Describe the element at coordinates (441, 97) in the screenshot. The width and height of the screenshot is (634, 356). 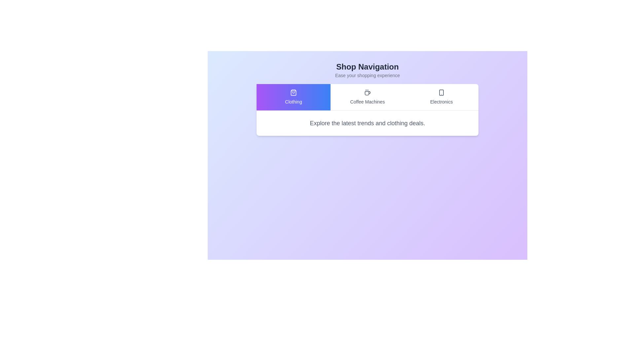
I see `the tab labeled Electronics to observe the hover effect` at that location.